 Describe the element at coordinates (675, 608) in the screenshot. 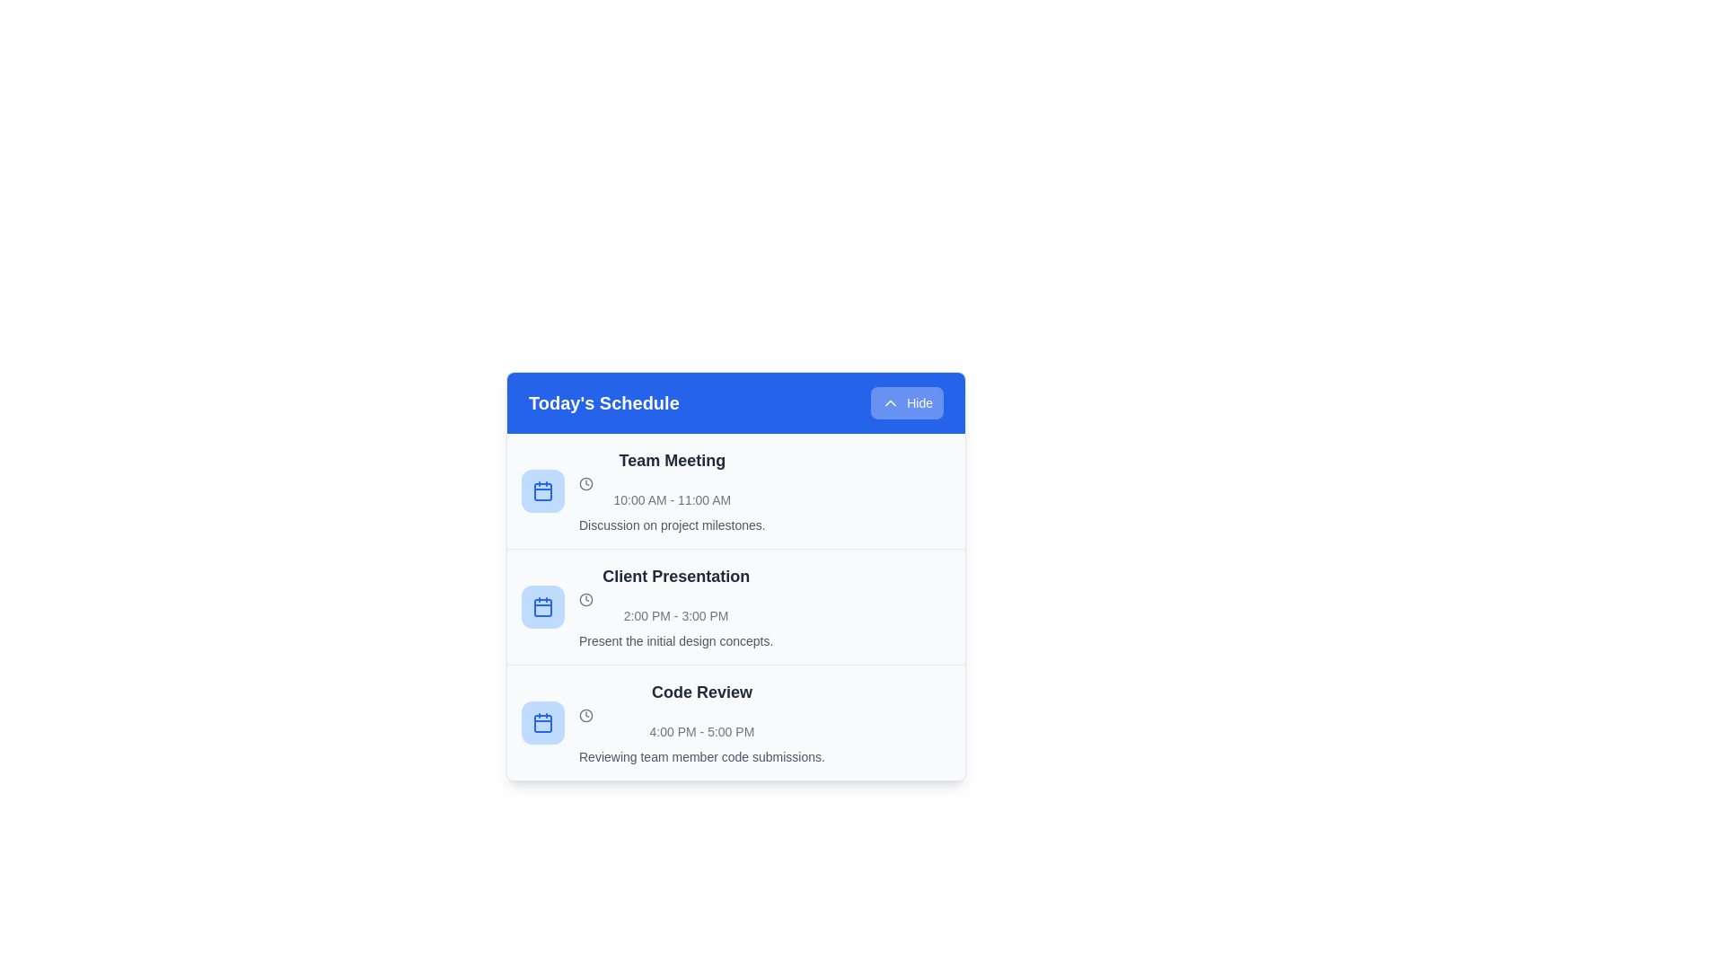

I see `the Time Display element that shows the time range '2:00 PM - 3:00 PM', located below 'Client Presentation' and above 'Present the initial design concepts'` at that location.